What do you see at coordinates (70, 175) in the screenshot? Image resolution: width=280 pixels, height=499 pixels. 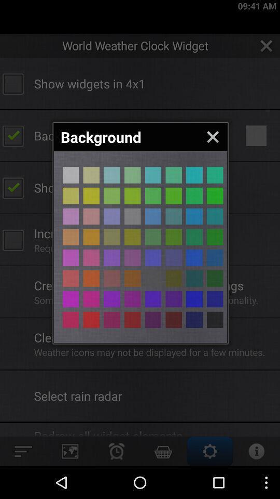 I see `different colour page` at bounding box center [70, 175].